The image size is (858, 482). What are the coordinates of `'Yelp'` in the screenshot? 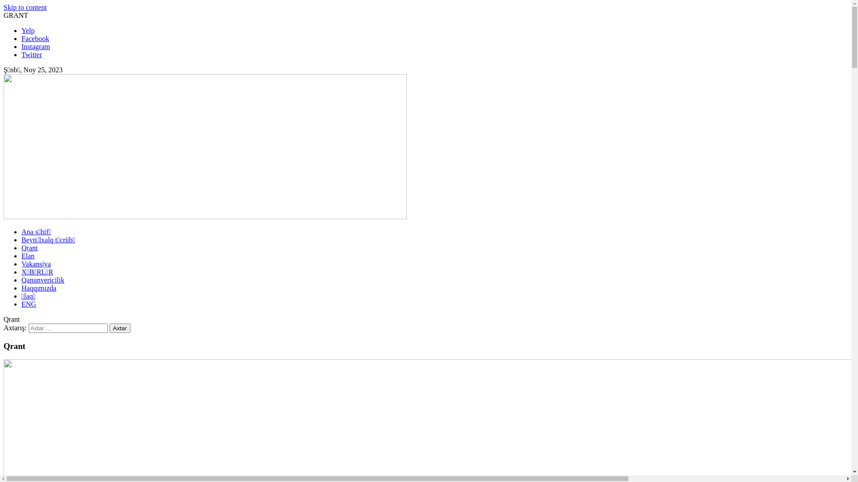 It's located at (28, 30).